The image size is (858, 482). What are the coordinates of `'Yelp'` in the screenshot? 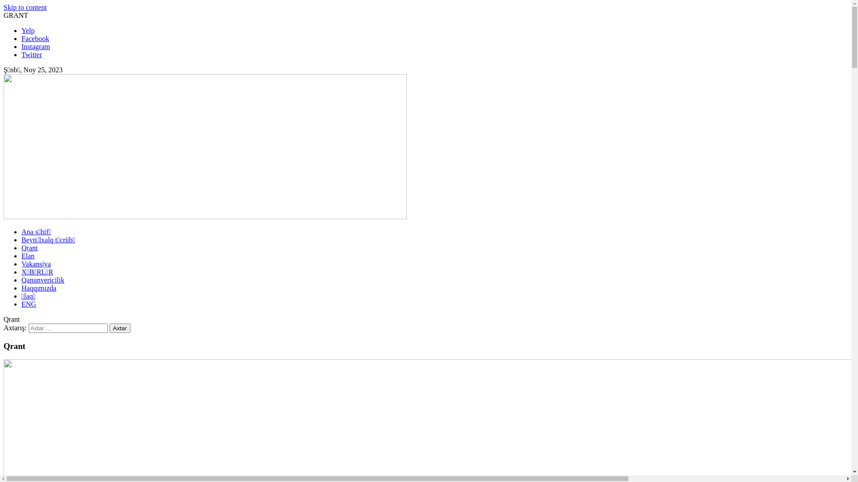 It's located at (28, 30).